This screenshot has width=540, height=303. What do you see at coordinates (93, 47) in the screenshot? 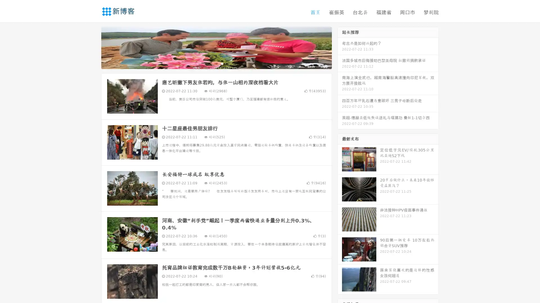
I see `Previous slide` at bounding box center [93, 47].